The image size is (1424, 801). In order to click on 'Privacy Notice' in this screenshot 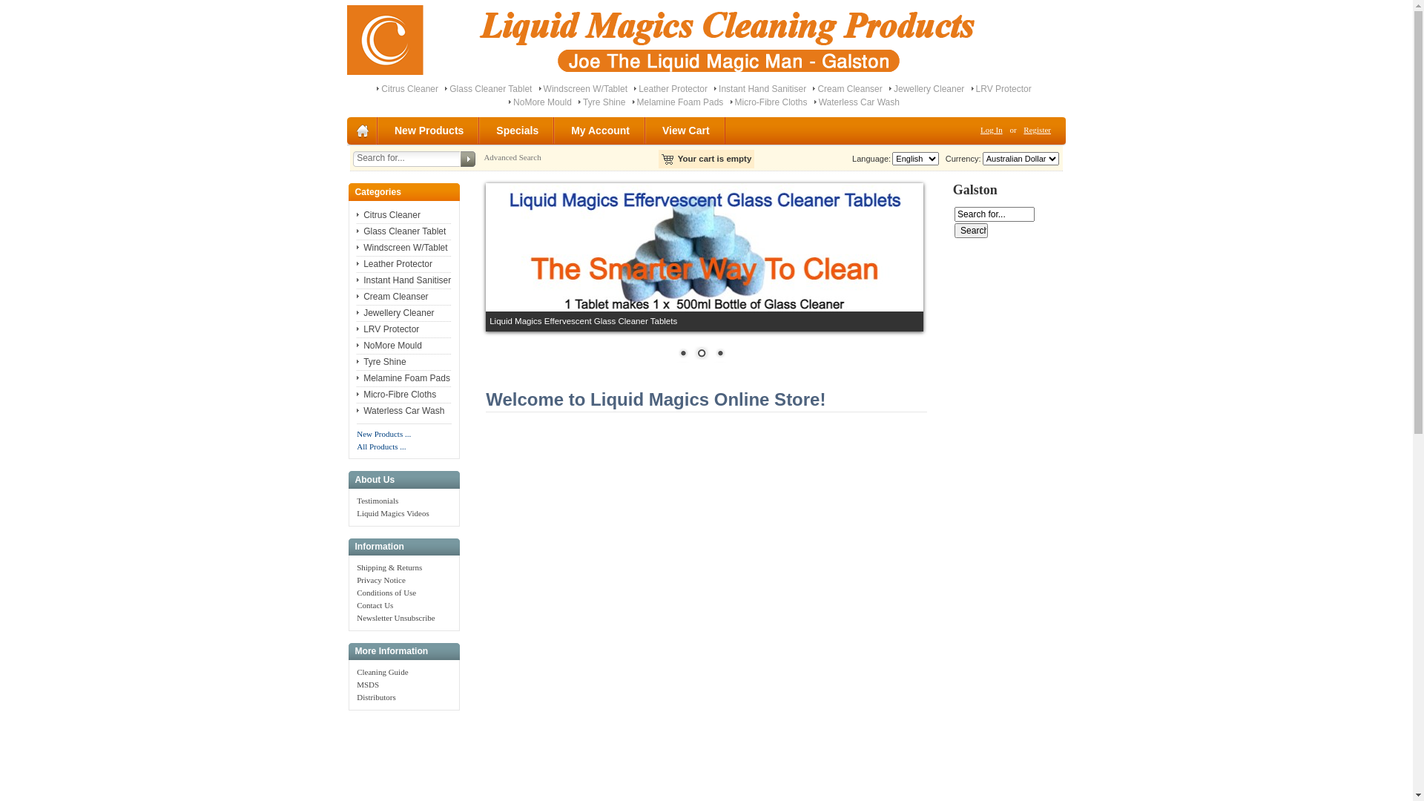, I will do `click(380, 579)`.